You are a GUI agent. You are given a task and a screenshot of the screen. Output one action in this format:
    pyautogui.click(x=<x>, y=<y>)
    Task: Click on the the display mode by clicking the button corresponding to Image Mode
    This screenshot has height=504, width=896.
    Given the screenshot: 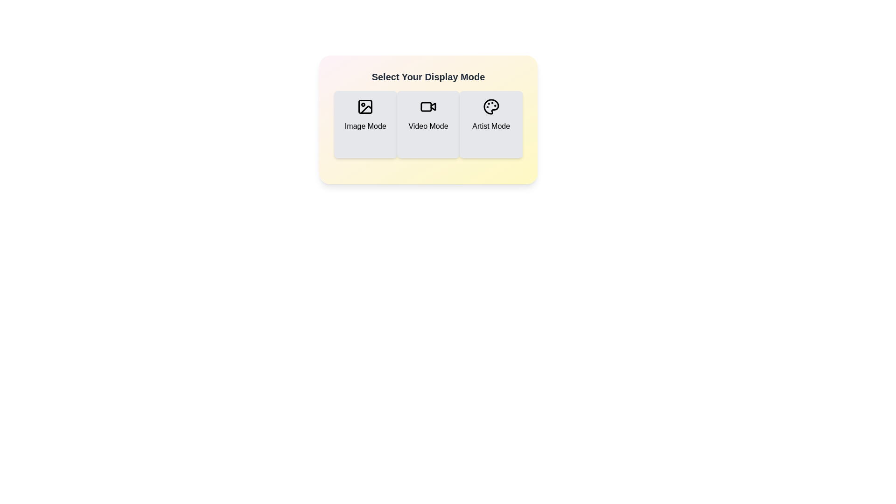 What is the action you would take?
    pyautogui.click(x=364, y=124)
    